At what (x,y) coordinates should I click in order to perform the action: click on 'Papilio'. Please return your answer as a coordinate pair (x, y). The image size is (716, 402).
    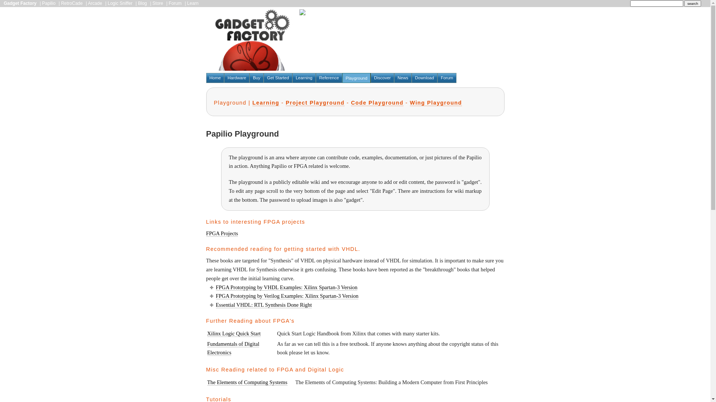
    Looking at the image, I should click on (48, 3).